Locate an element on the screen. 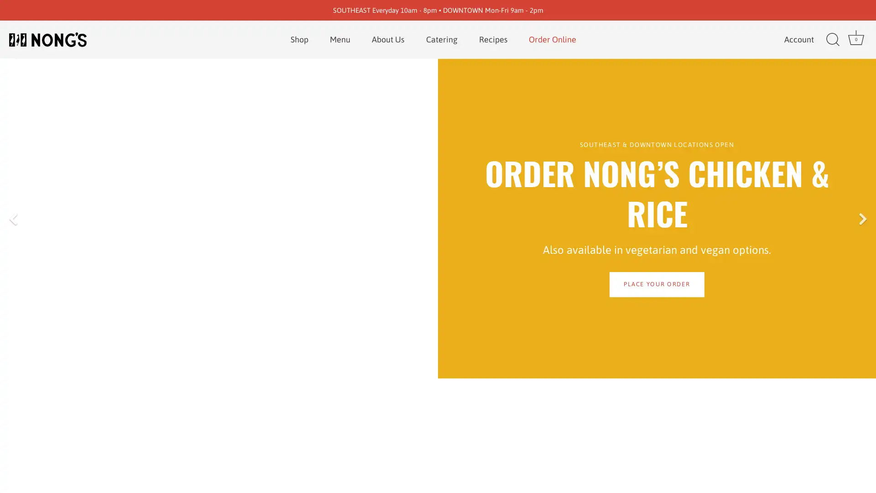 This screenshot has height=493, width=876. Next is located at coordinates (862, 218).